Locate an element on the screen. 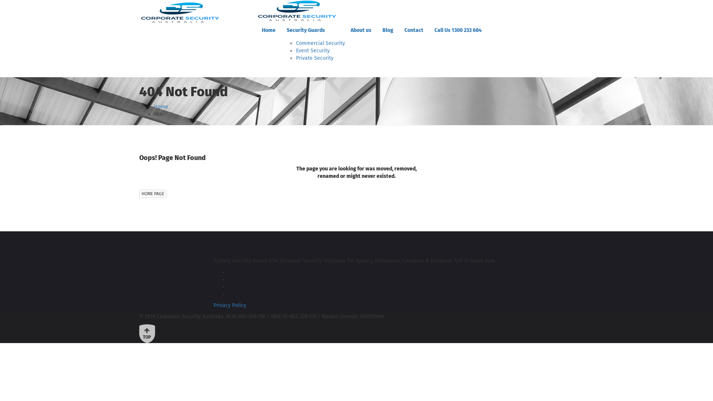  'Private Security' is located at coordinates (315, 58).